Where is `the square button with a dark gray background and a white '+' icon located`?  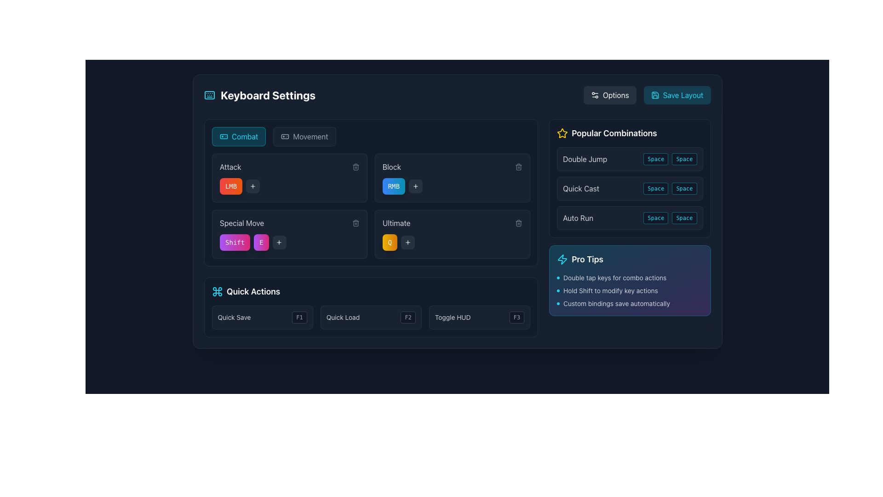
the square button with a dark gray background and a white '+' icon located is located at coordinates (279, 242).